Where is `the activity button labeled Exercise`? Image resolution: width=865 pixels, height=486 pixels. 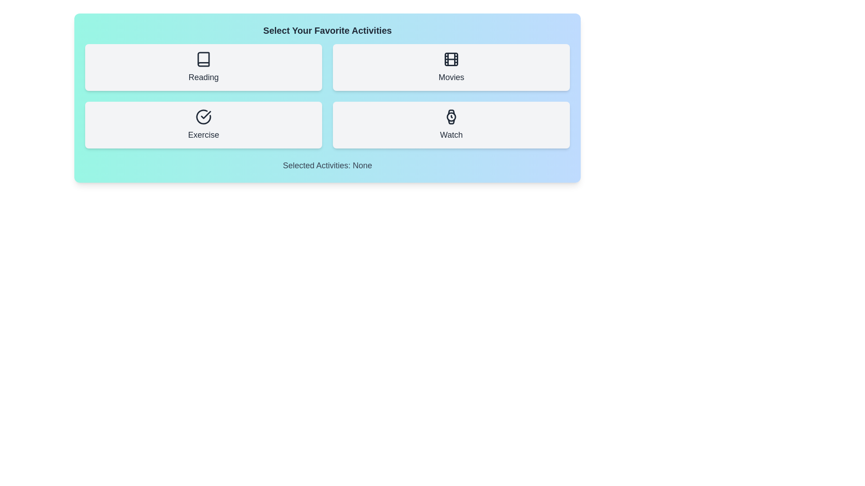 the activity button labeled Exercise is located at coordinates (203, 125).